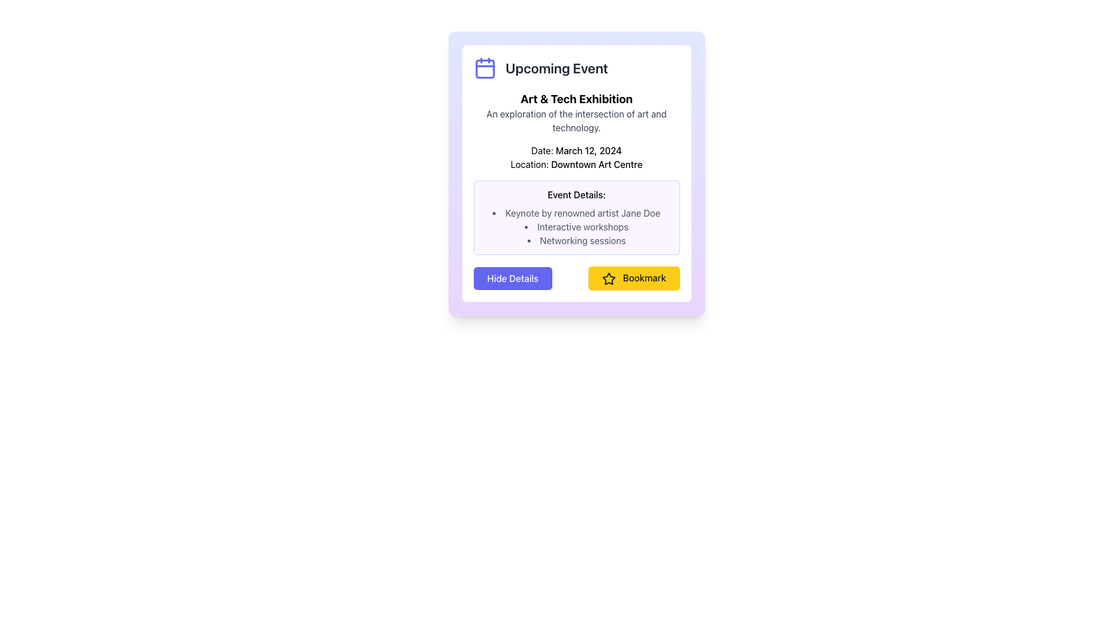  I want to click on the text list component displaying items such as 'Keynote by renowned artist Jane Doe', 'Interactive workshops', and 'Networking sessions', located below the 'Event Details:' title, so click(576, 227).